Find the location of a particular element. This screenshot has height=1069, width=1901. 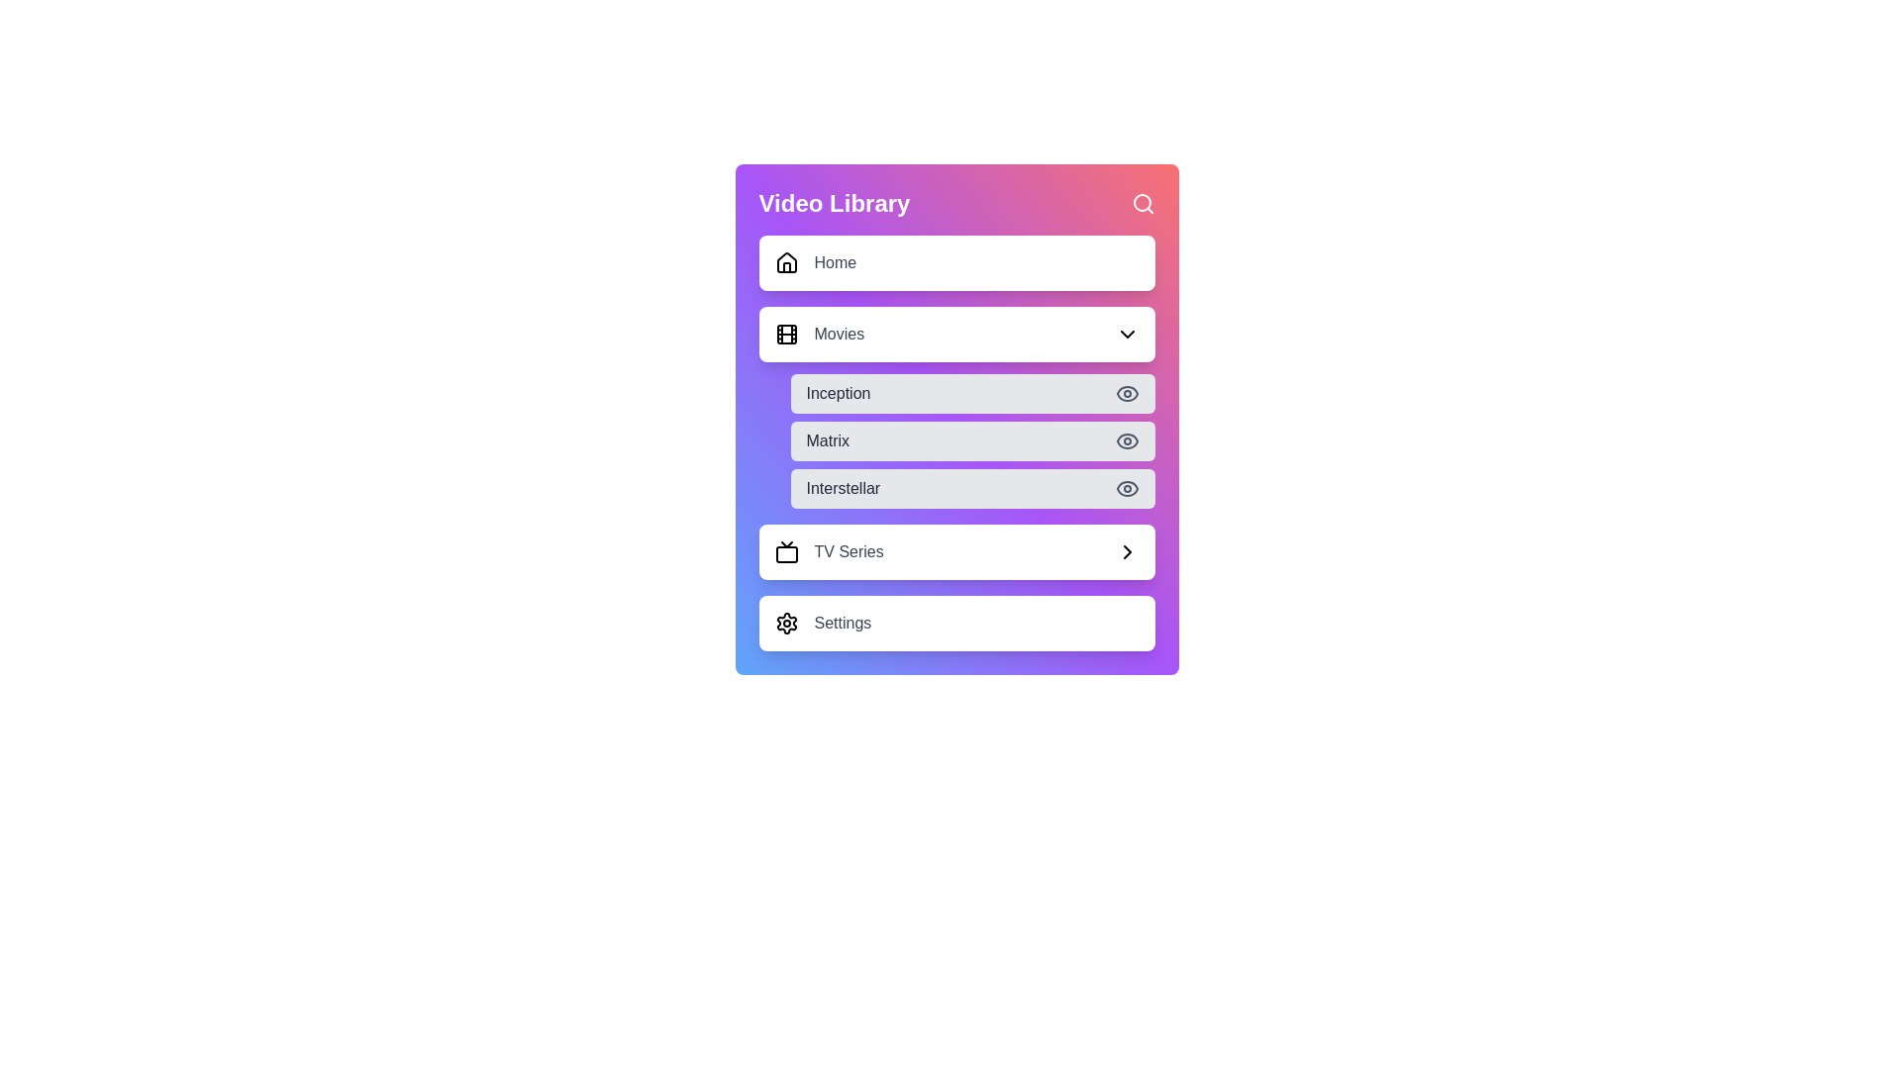

the movie reel icon, which is a minimalist black and white vector graphic located to the left of the text 'Movies' in the second row of the vertical menu is located at coordinates (785, 334).